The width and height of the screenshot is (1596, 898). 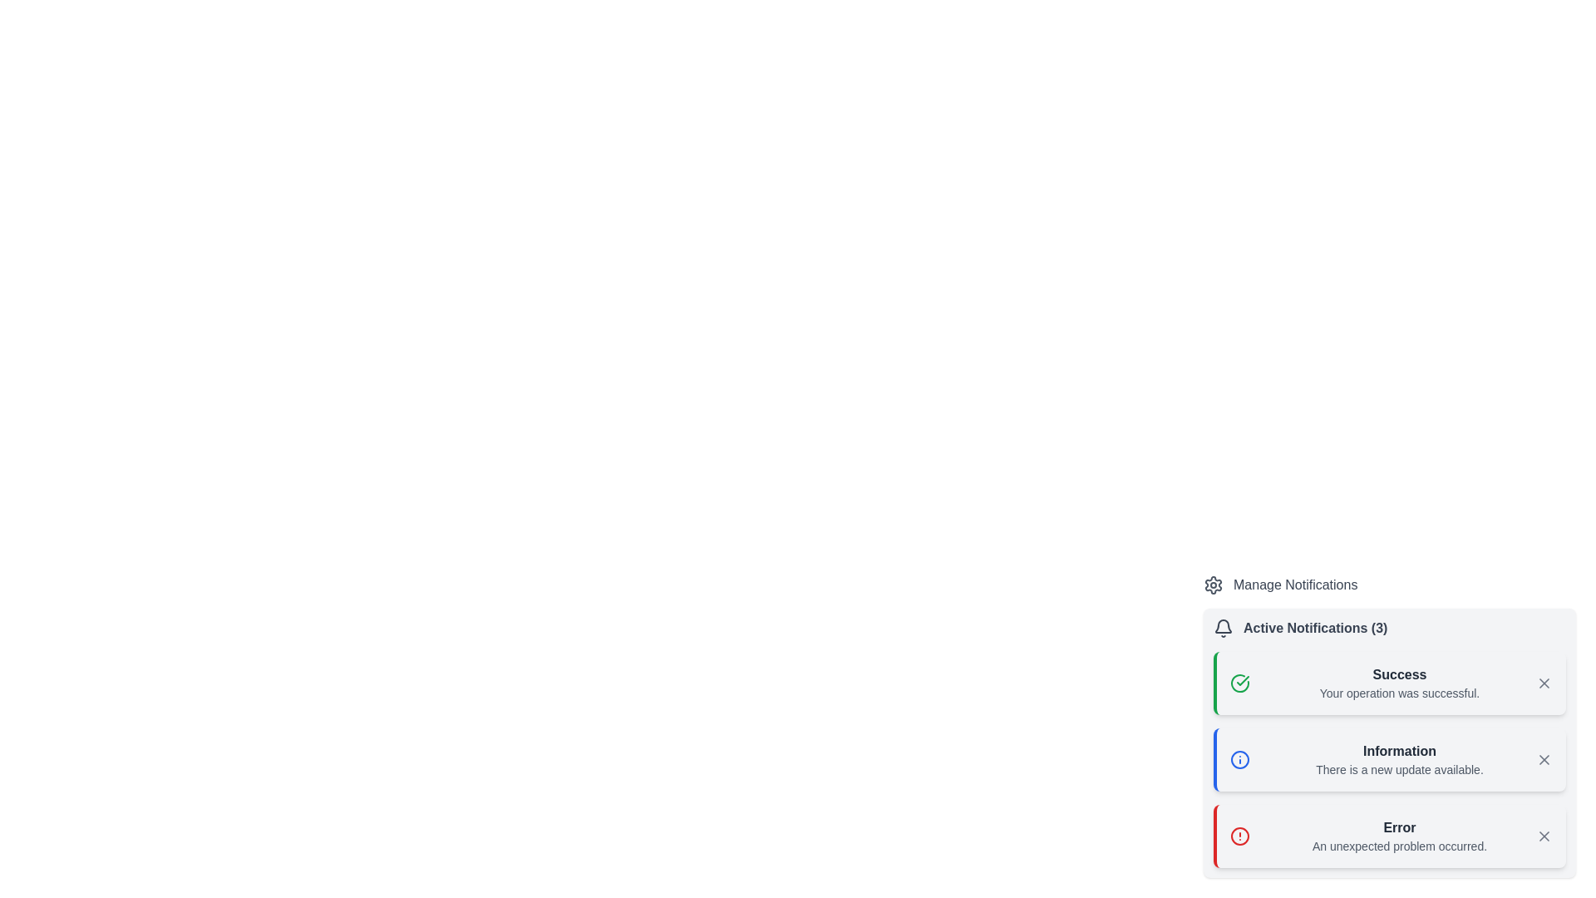 What do you see at coordinates (1240, 760) in the screenshot?
I see `the circular icon with a blue border and white background featuring a blue outline of the letter 'i', located within the notification card labeled 'Information'` at bounding box center [1240, 760].